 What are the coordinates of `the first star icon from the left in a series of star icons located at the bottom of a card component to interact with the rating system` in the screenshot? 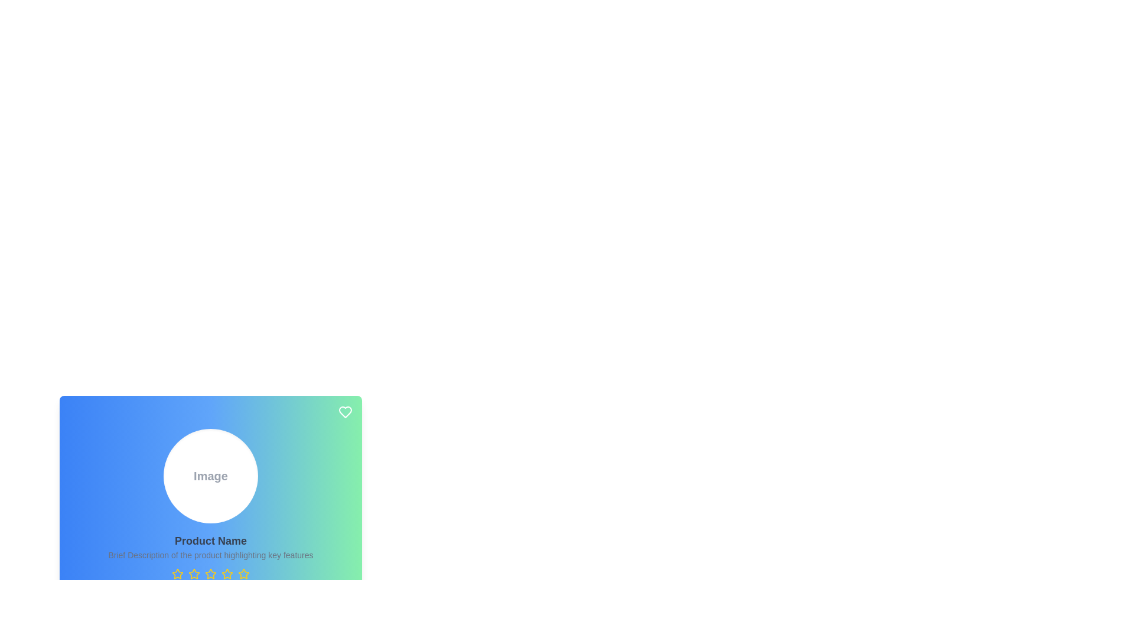 It's located at (177, 574).